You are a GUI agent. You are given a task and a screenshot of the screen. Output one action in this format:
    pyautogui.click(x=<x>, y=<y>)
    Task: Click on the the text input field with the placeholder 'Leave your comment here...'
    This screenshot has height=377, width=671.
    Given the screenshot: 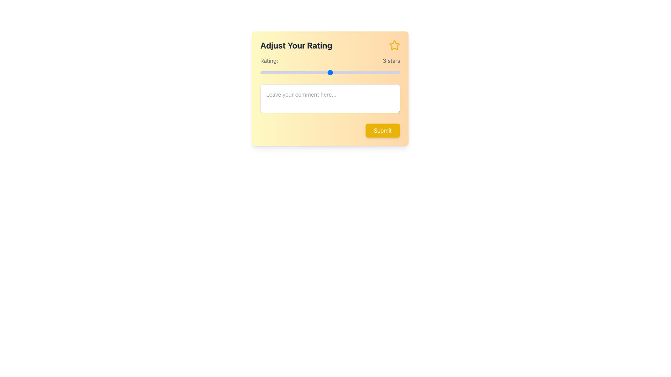 What is the action you would take?
    pyautogui.click(x=330, y=98)
    